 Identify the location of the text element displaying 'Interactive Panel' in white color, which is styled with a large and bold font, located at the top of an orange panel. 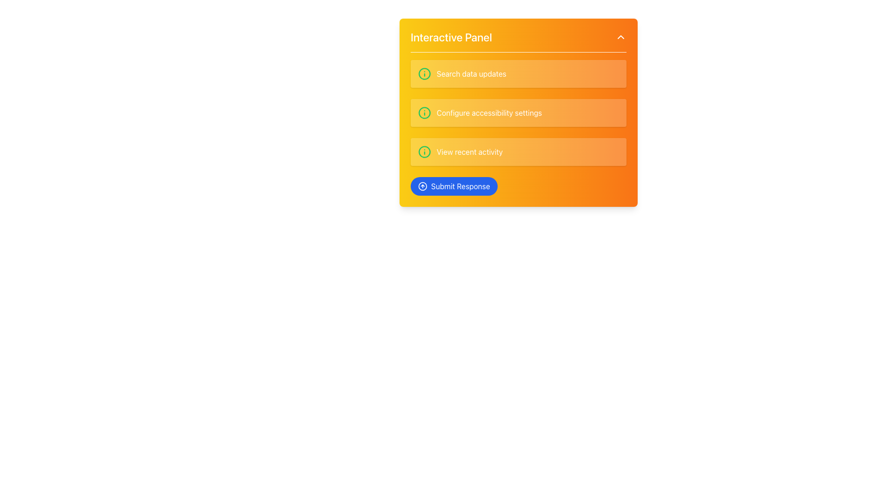
(451, 37).